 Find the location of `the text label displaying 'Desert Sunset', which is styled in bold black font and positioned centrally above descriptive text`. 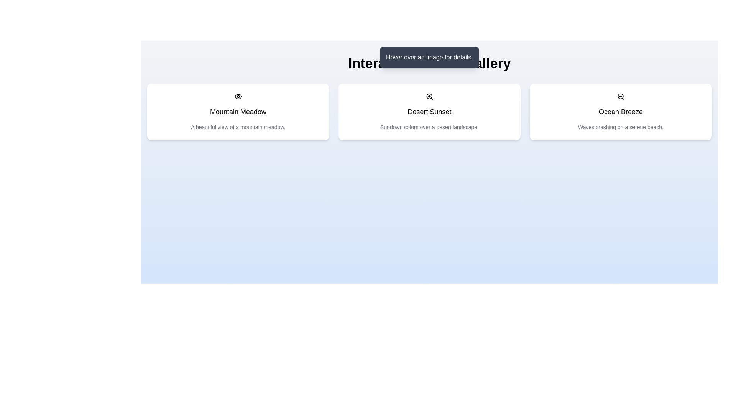

the text label displaying 'Desert Sunset', which is styled in bold black font and positioned centrally above descriptive text is located at coordinates (429, 112).